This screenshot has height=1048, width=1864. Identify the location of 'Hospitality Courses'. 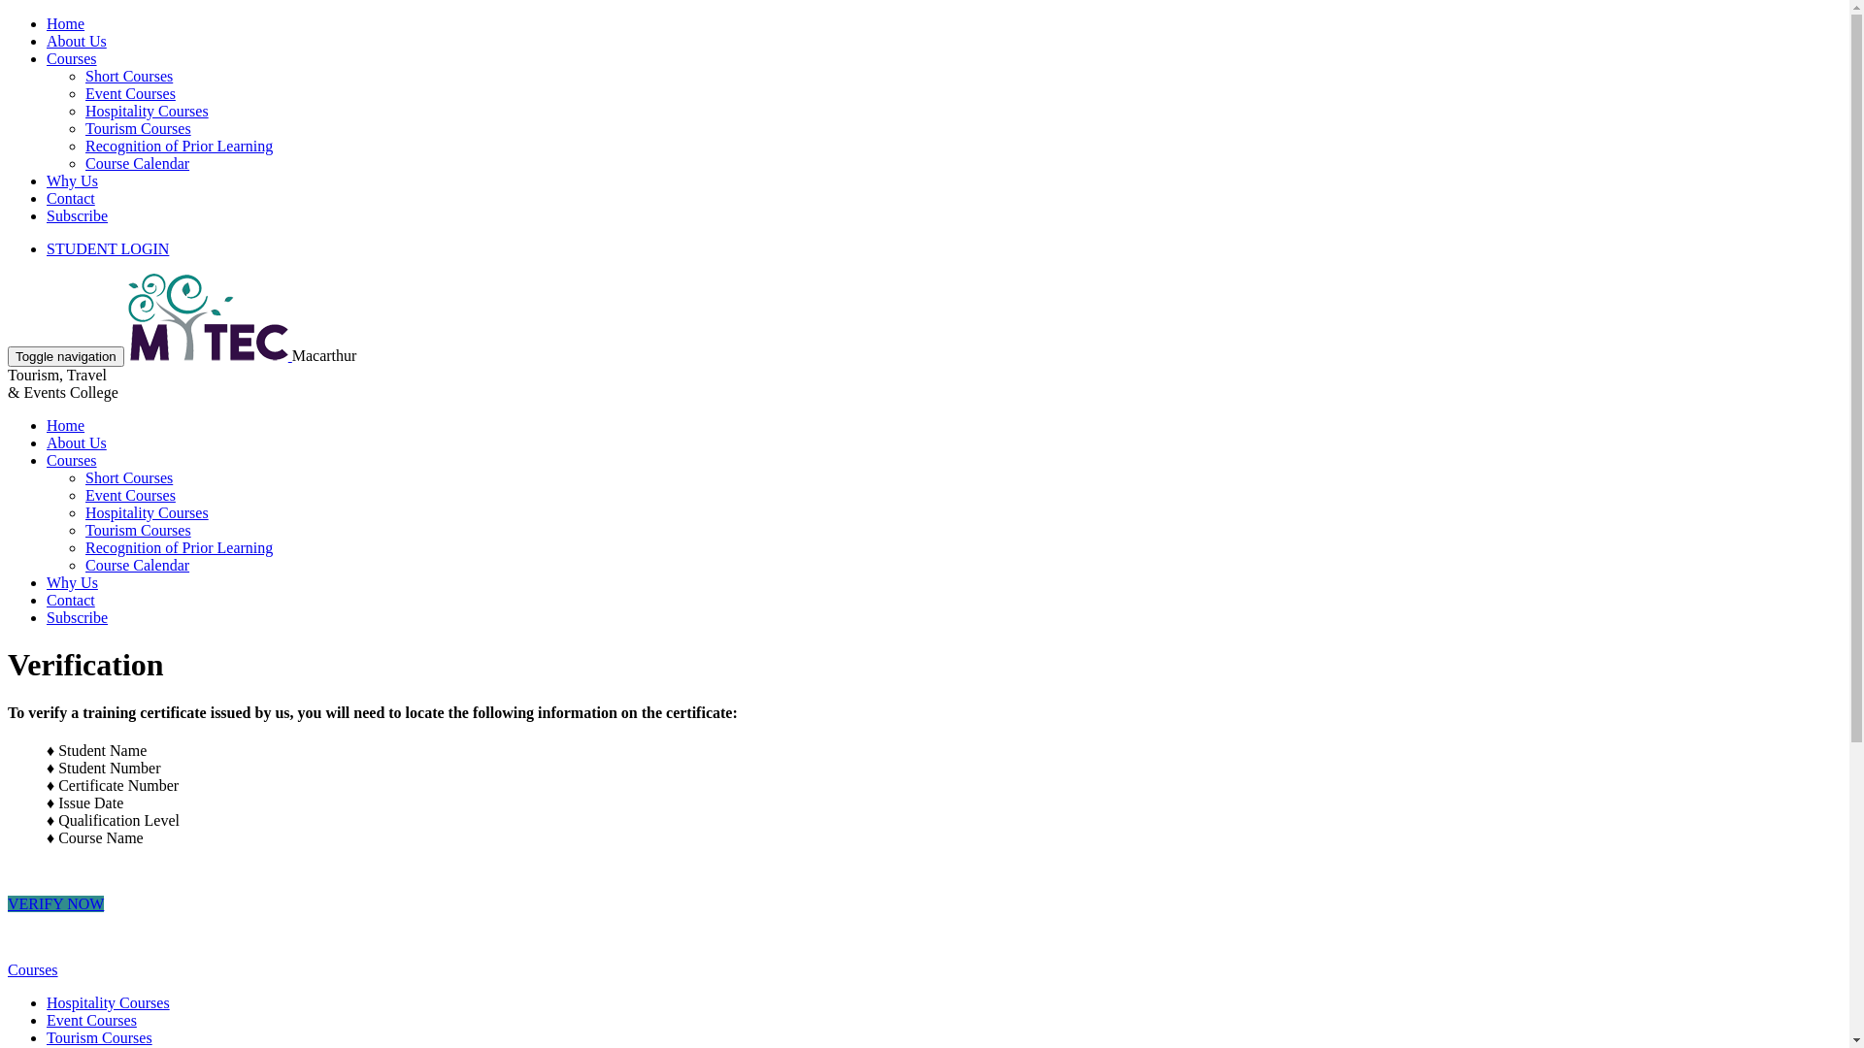
(146, 511).